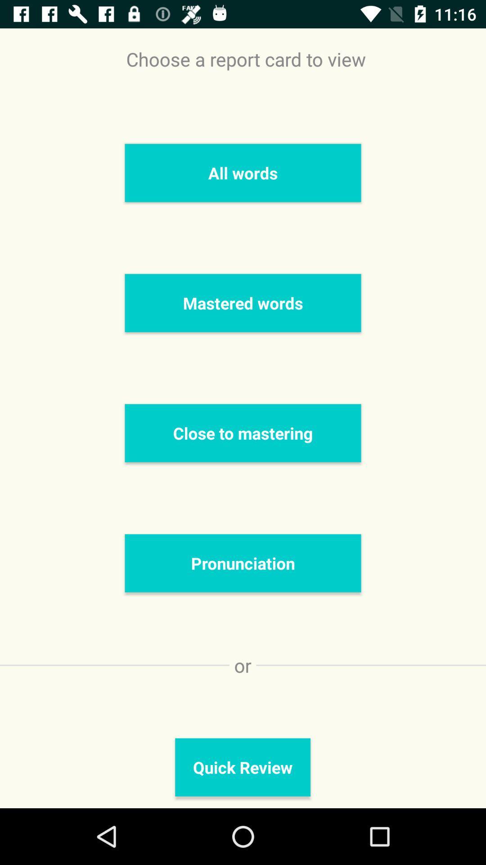 Image resolution: width=486 pixels, height=865 pixels. I want to click on close to mastering, so click(243, 433).